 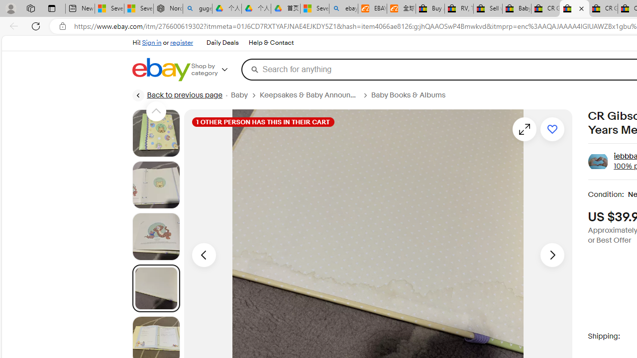 I want to click on 'Add to watchlist', so click(x=551, y=128).